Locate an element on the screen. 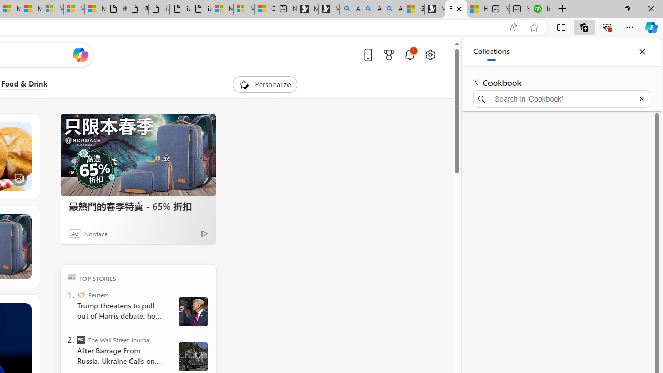 The height and width of the screenshot is (373, 663). 'Intuit QuickBooks Online - Quickbooks' is located at coordinates (540, 9).